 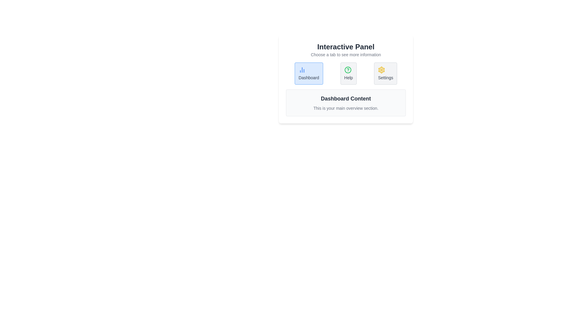 What do you see at coordinates (346, 47) in the screenshot?
I see `the 'Interactive Panel' text element, which is styled prominently as a heading within a card-like section, positioned above the subtitle and centrally aligned` at bounding box center [346, 47].